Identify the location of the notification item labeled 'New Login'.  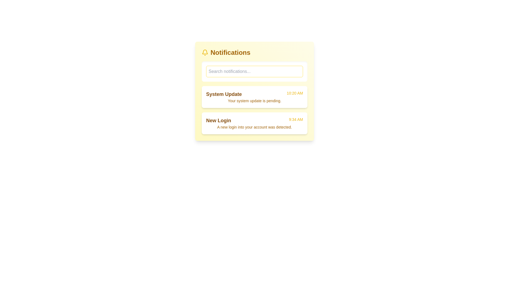
(254, 123).